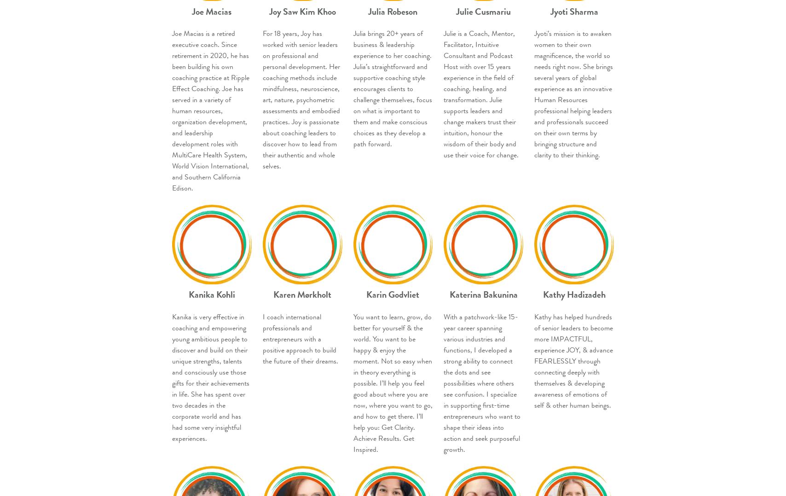 This screenshot has height=496, width=786. What do you see at coordinates (481, 94) in the screenshot?
I see `'Julie is a Coach, Mentor, Facilitator, Intuitive Consultant and Podcast Host with over 15 years experience in the field of coaching, healing, and transformation. Julie supports leaders and change makers trust their intuition, honour the wisdom of their body and use their voice for change.'` at bounding box center [481, 94].